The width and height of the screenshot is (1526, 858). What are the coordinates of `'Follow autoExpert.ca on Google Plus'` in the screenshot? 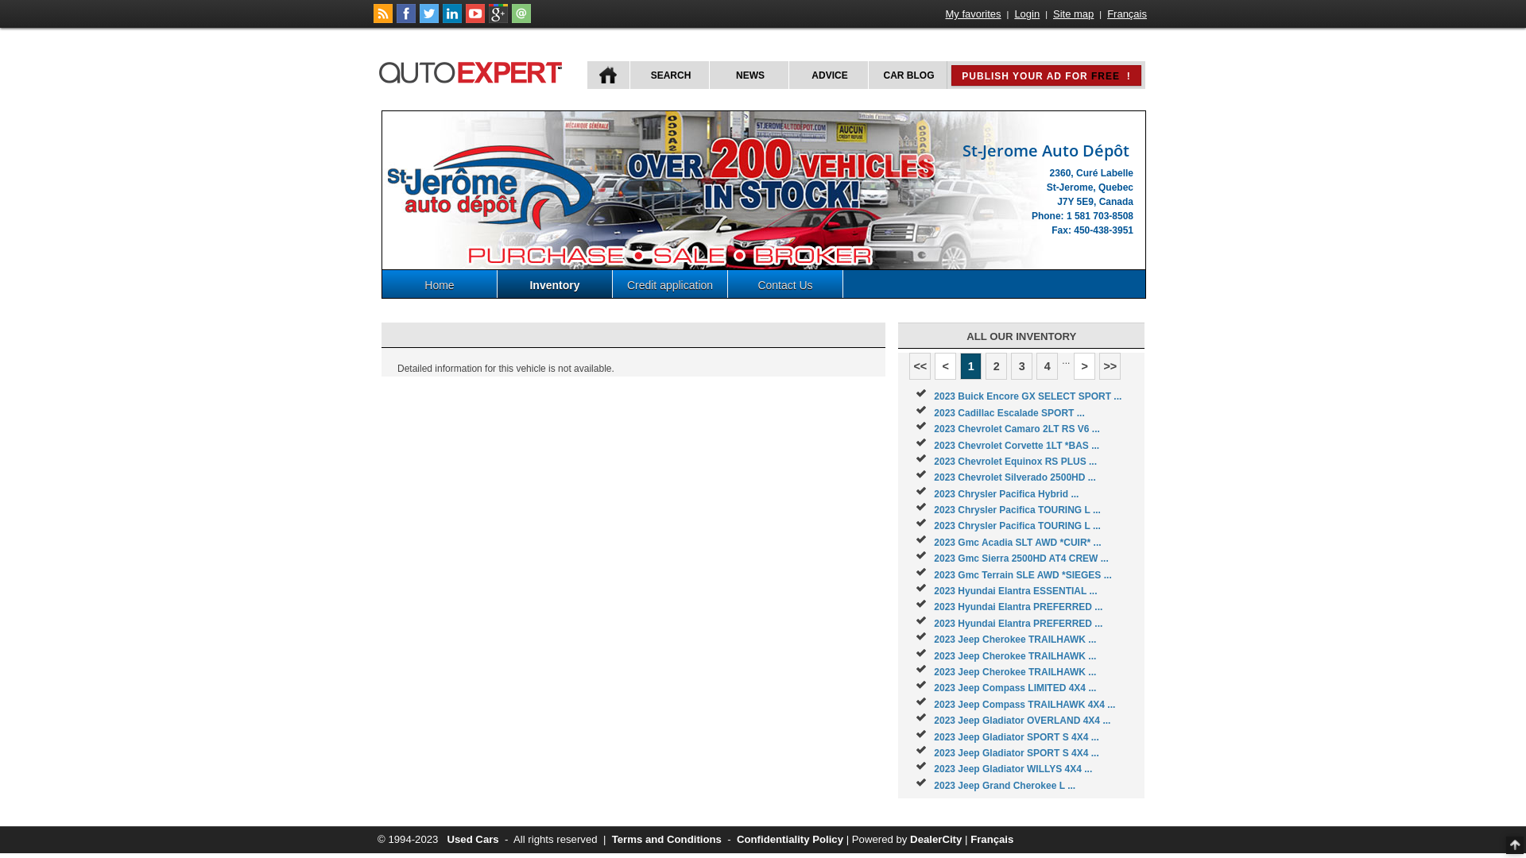 It's located at (498, 19).